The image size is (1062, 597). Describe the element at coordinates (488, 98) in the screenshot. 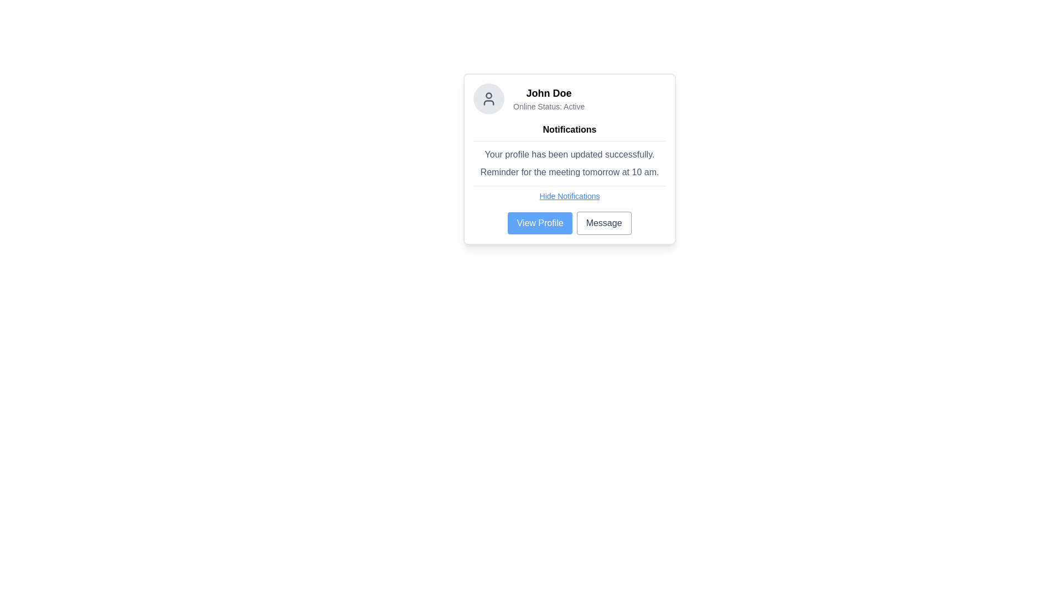

I see `the user profile icon, which is characterized by its outlined circular head and shoulders, located in the top-left section of a central notification card with a gray background` at that location.